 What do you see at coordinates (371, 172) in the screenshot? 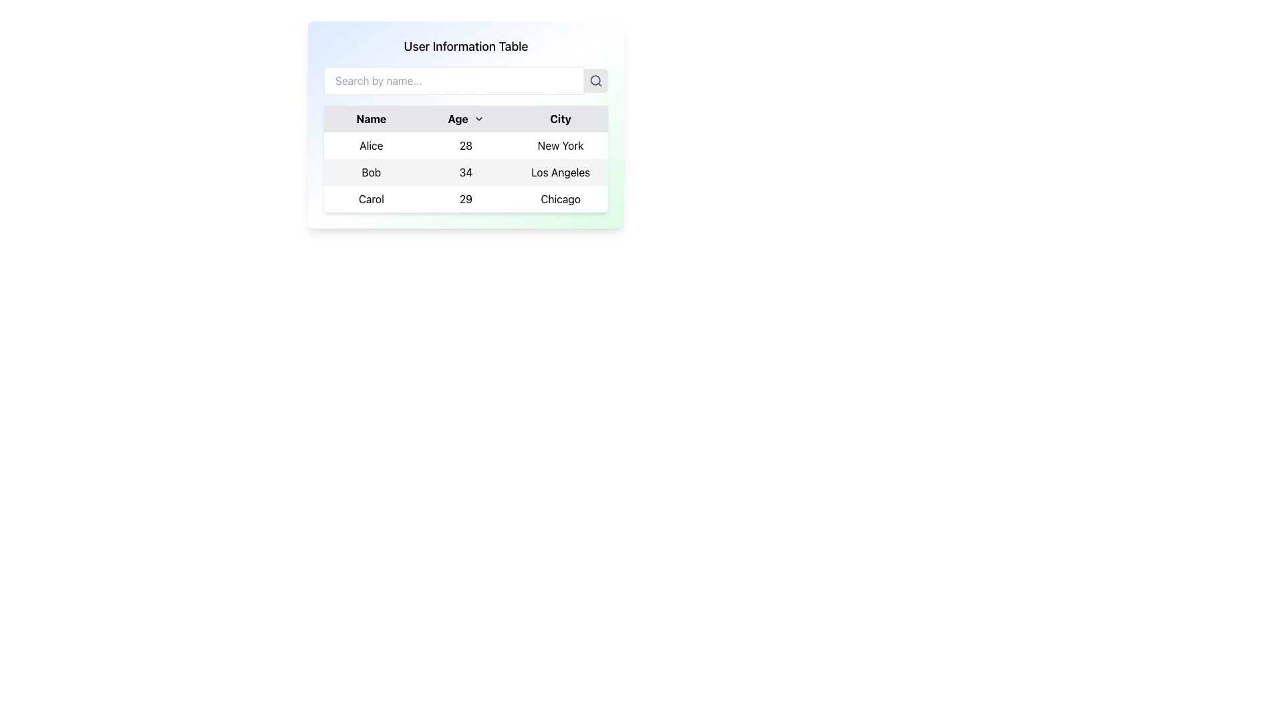
I see `the Text Cell containing the text 'Bob' in the 'Name' column of the table, located in the second row, first column` at bounding box center [371, 172].